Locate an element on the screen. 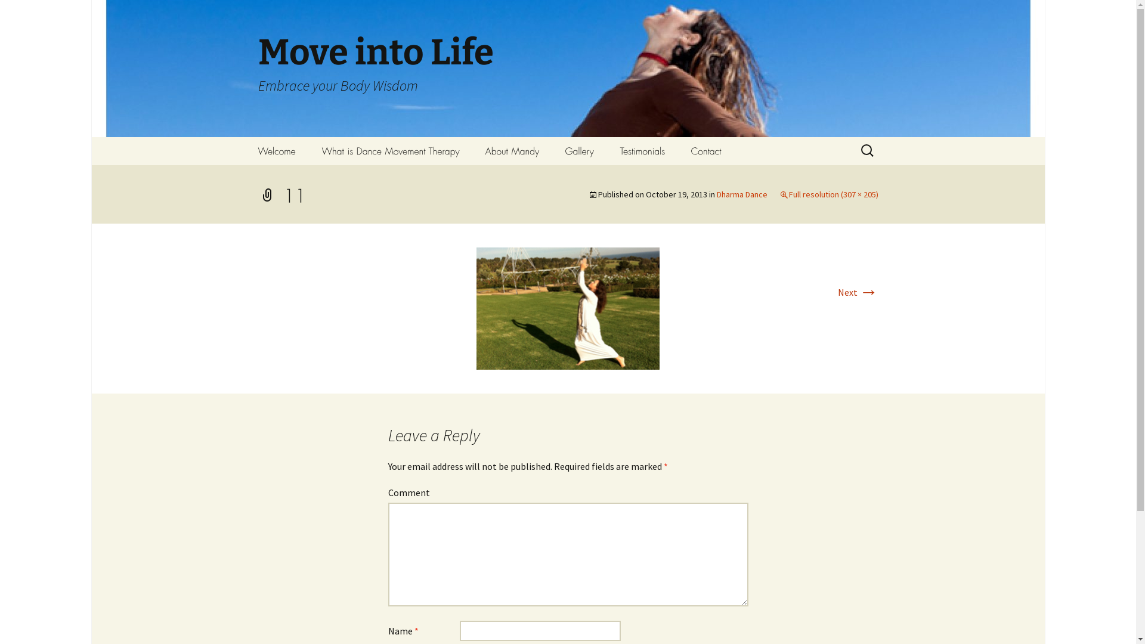 Image resolution: width=1145 pixels, height=644 pixels. 'Skip to content' is located at coordinates (277, 144).